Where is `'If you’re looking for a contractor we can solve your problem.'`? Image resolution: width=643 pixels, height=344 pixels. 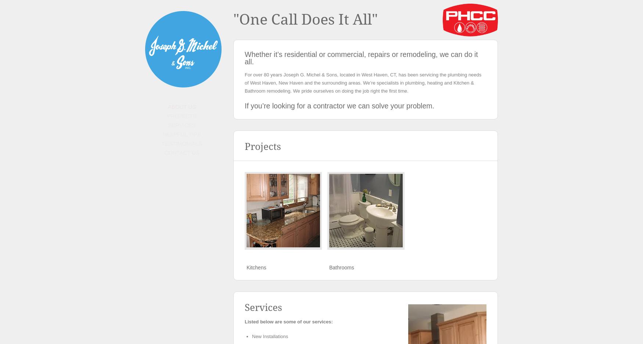
'If you’re looking for a contractor we can solve your problem.' is located at coordinates (339, 106).